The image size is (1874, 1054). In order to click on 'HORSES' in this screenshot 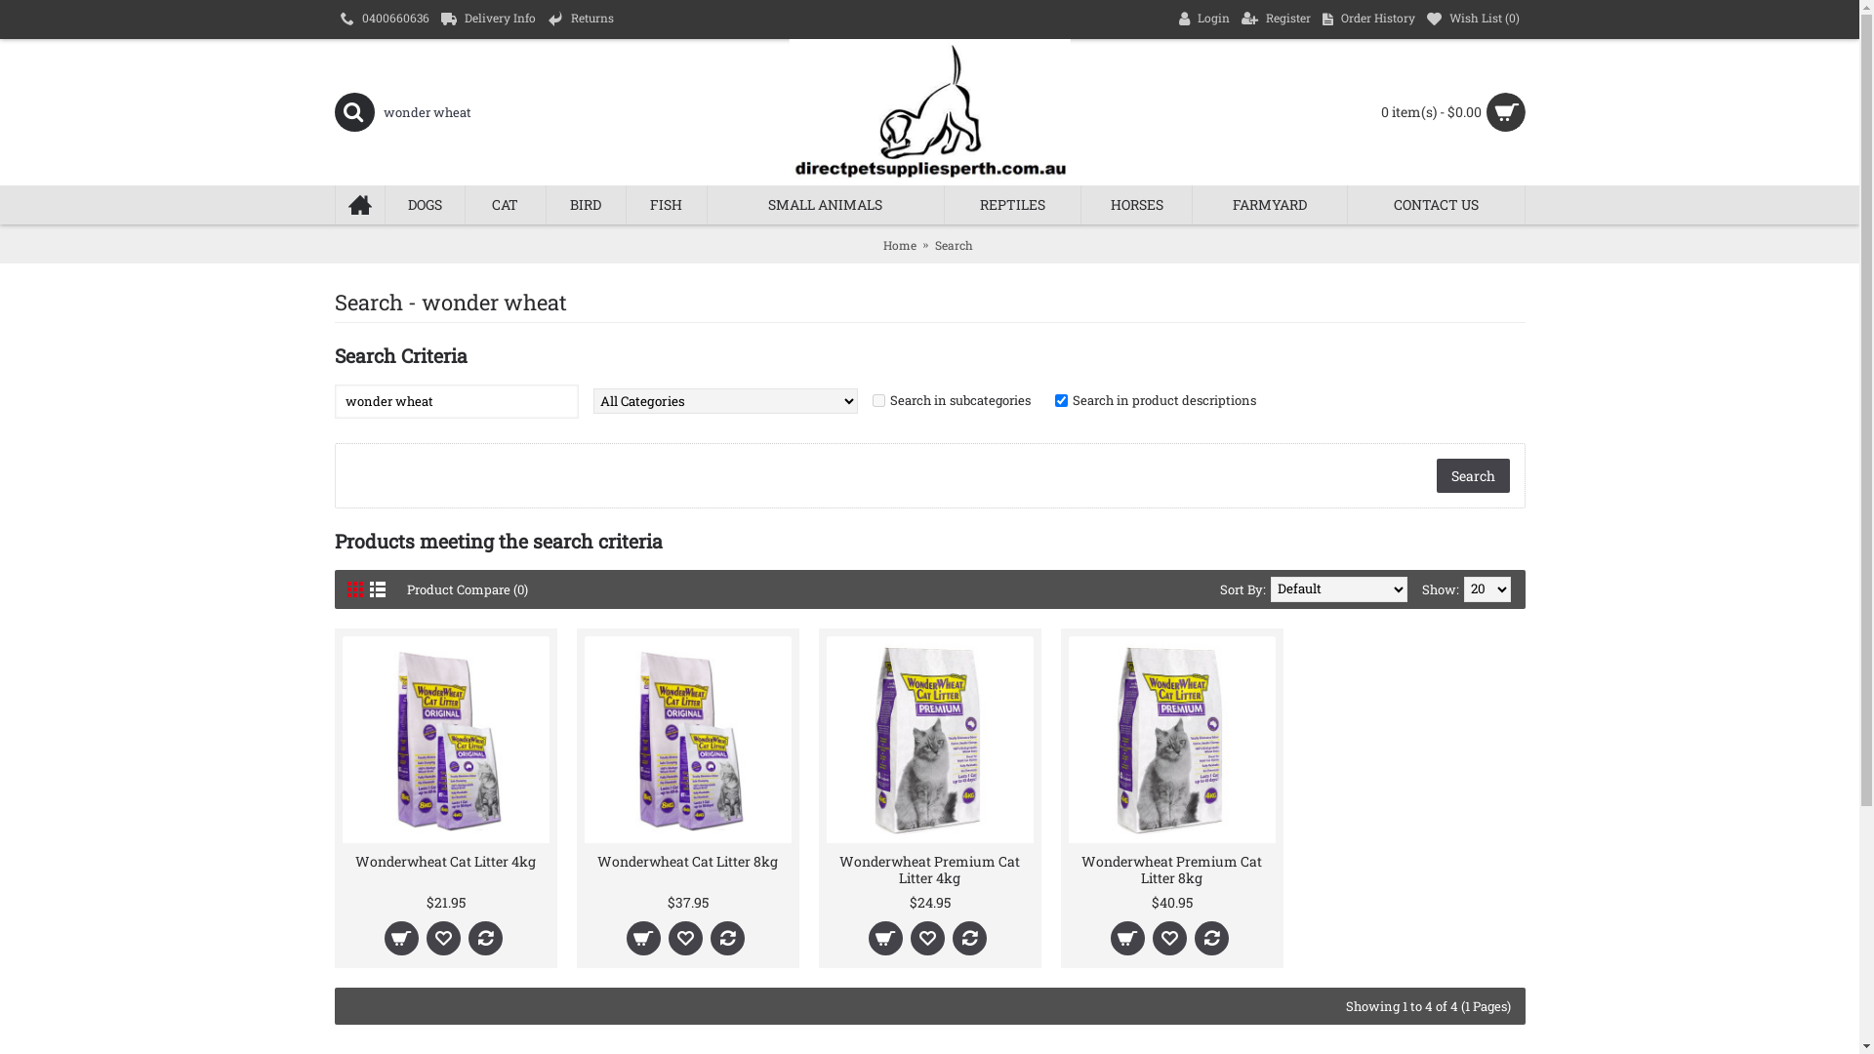, I will do `click(1135, 204)`.